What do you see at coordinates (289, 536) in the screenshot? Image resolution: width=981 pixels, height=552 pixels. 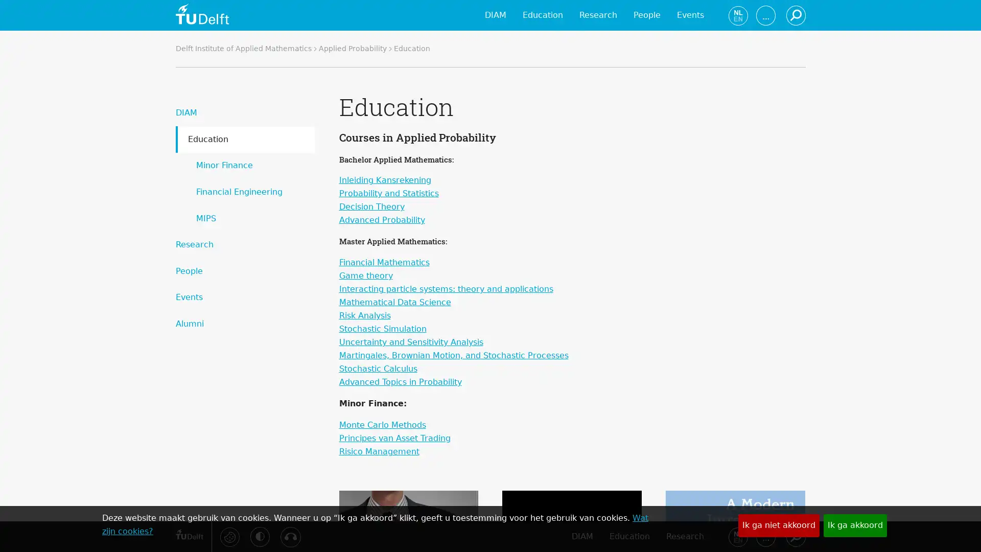 I see `Luister met de ReachDeck-werkbalk` at bounding box center [289, 536].